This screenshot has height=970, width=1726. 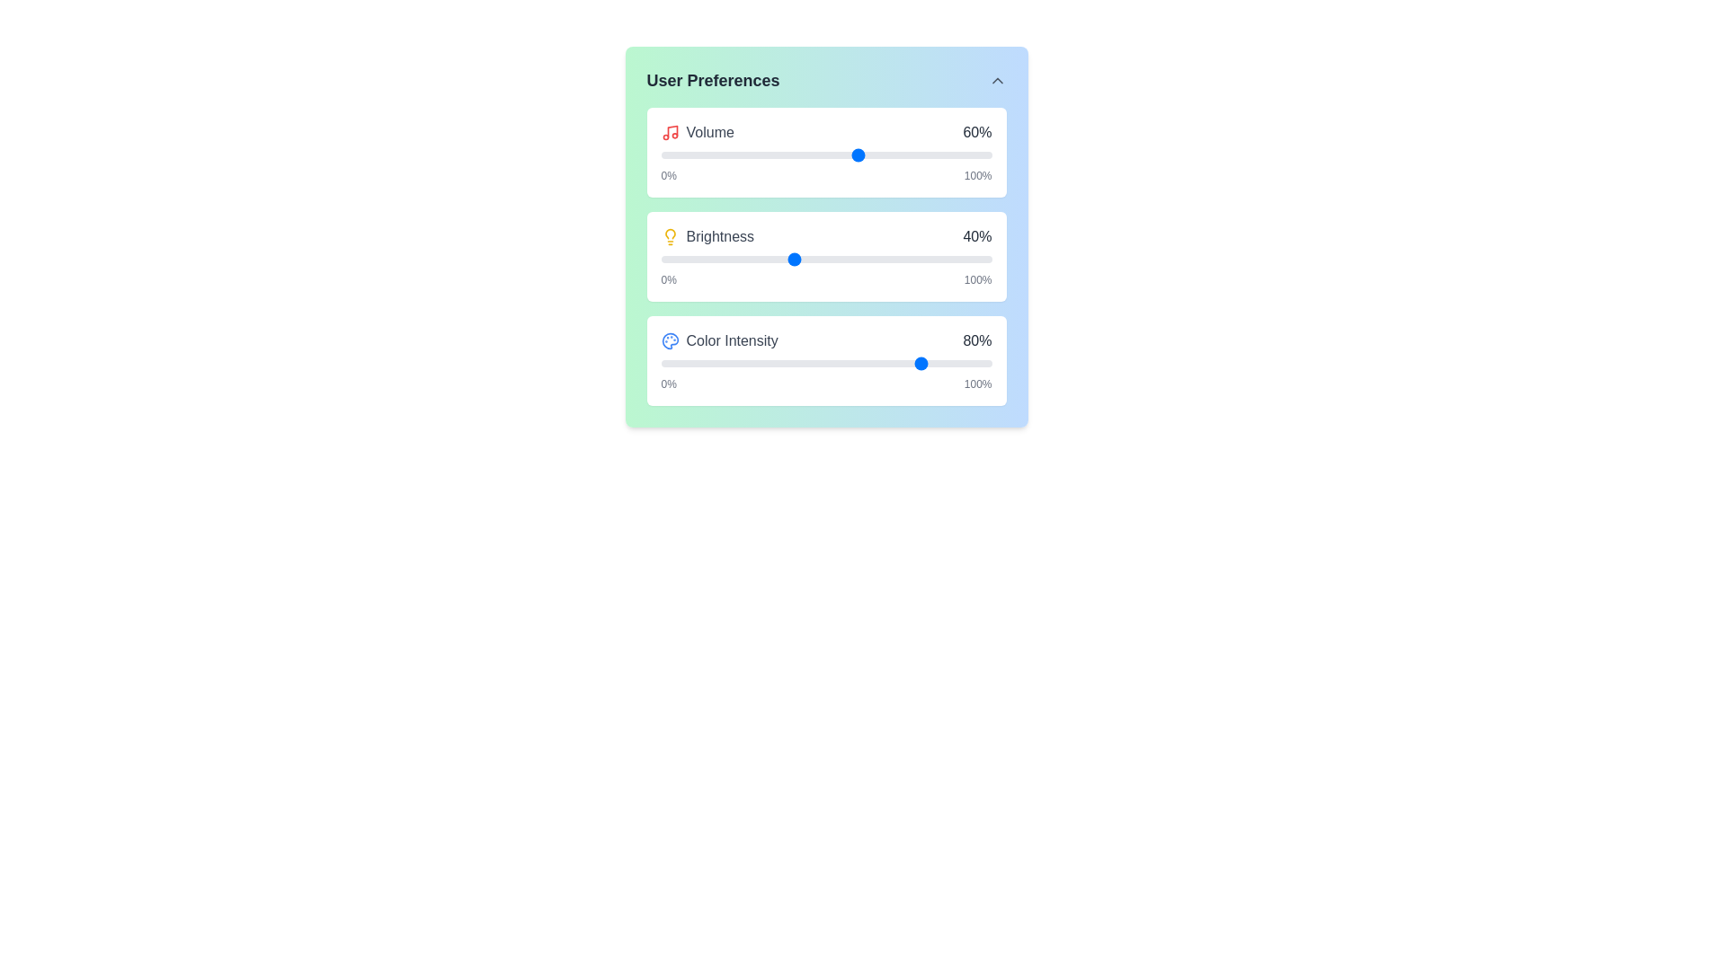 I want to click on the text label displaying '100%' located at the far right side of the control, styled in a small, light-colored font, so click(x=977, y=176).